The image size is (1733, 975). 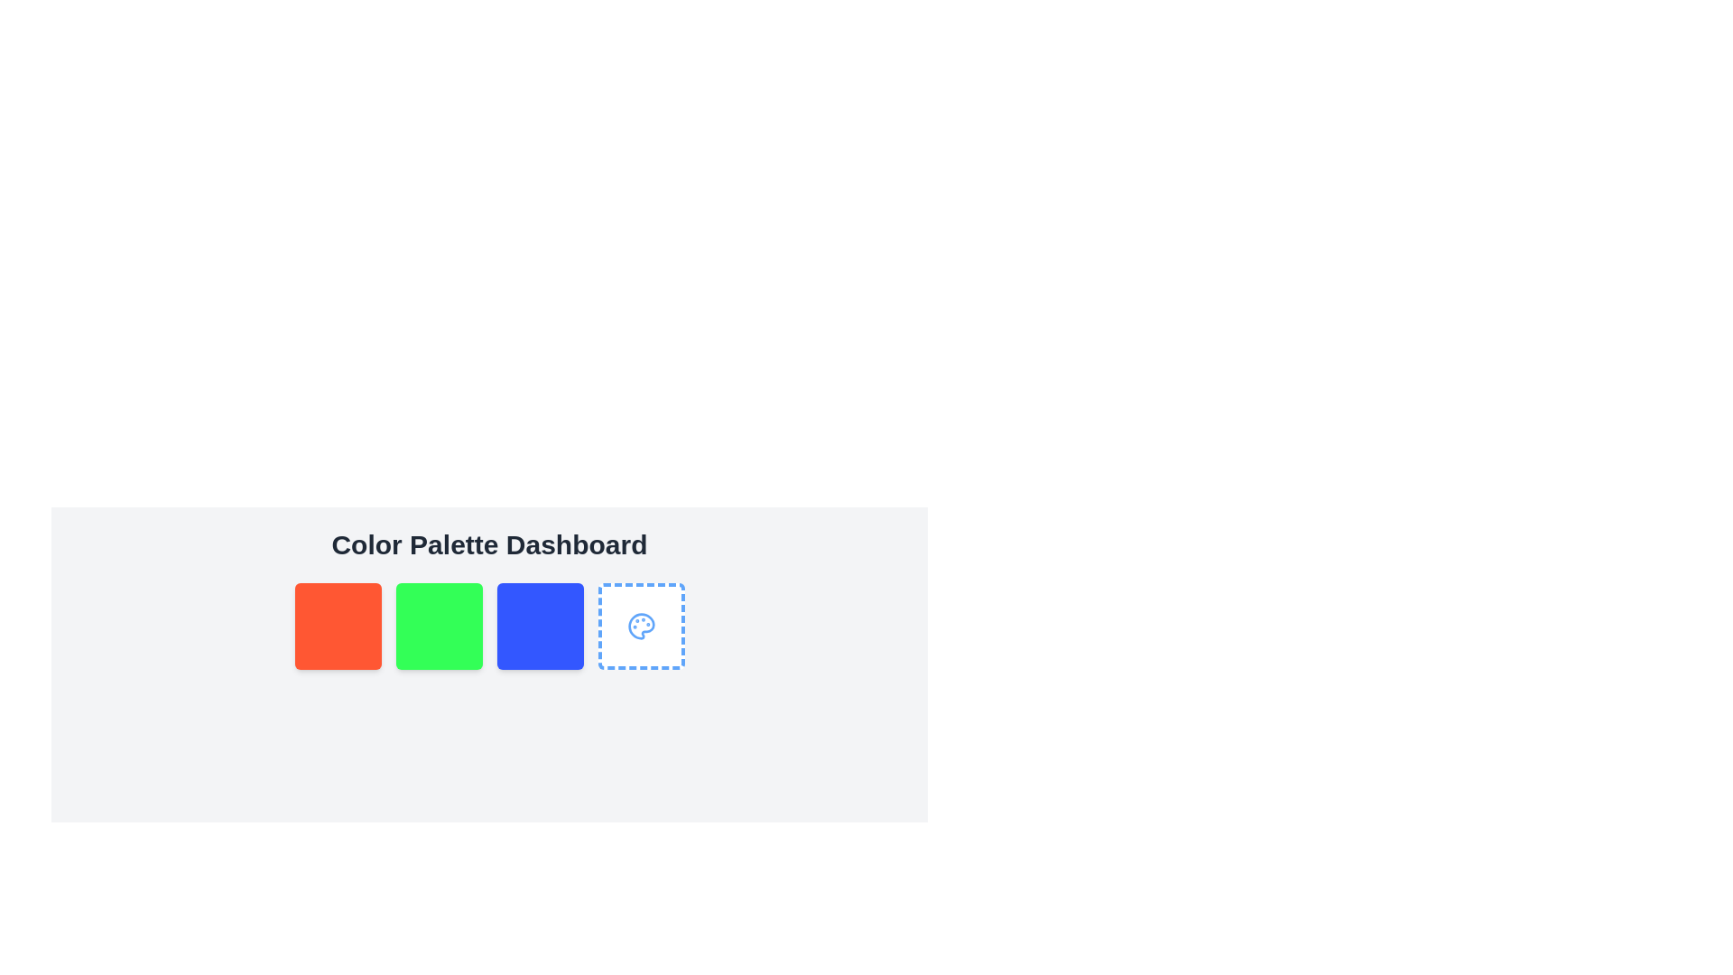 I want to click on the painter's palette icon, which is a small circular icon with light blue color and colored circles, located in the rightmost square under the 'Color Palette Dashboard', so click(x=641, y=626).